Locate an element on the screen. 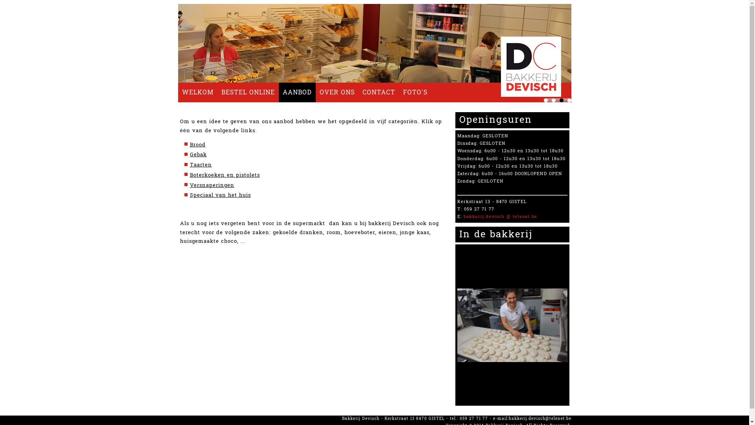  'CONTACT' is located at coordinates (379, 92).